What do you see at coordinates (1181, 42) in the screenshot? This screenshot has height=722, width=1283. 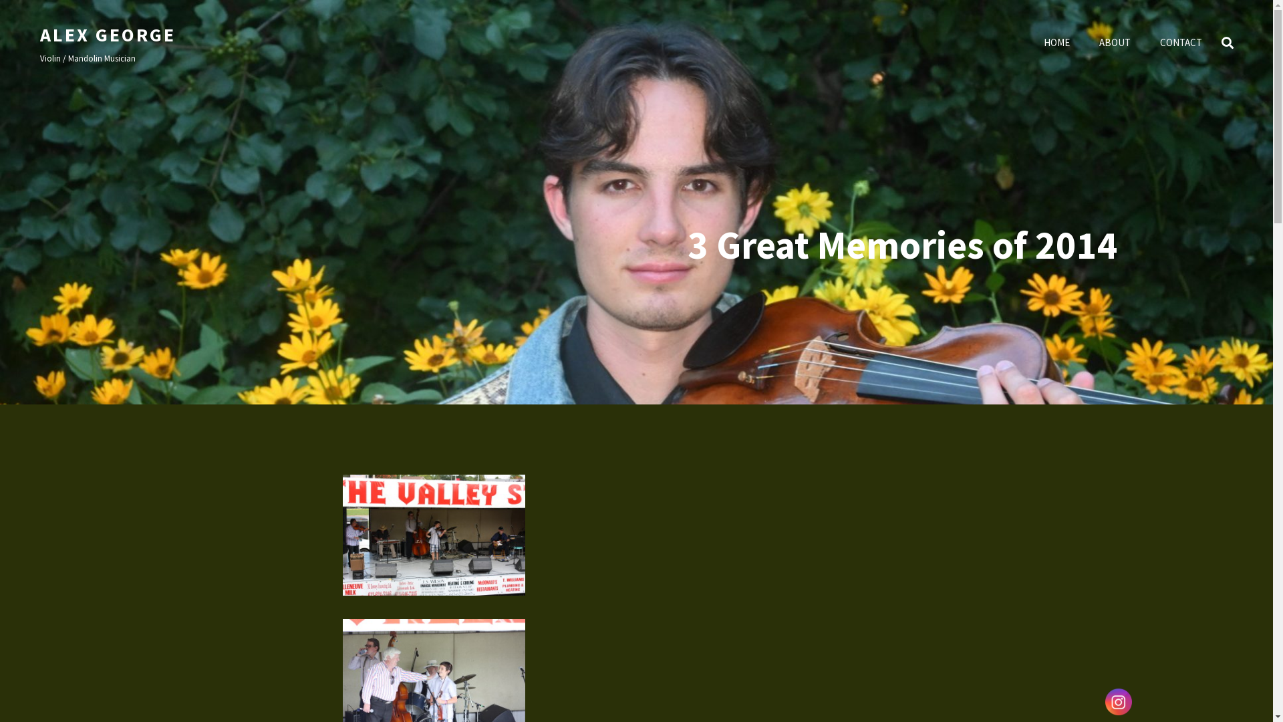 I see `'CONTACT'` at bounding box center [1181, 42].